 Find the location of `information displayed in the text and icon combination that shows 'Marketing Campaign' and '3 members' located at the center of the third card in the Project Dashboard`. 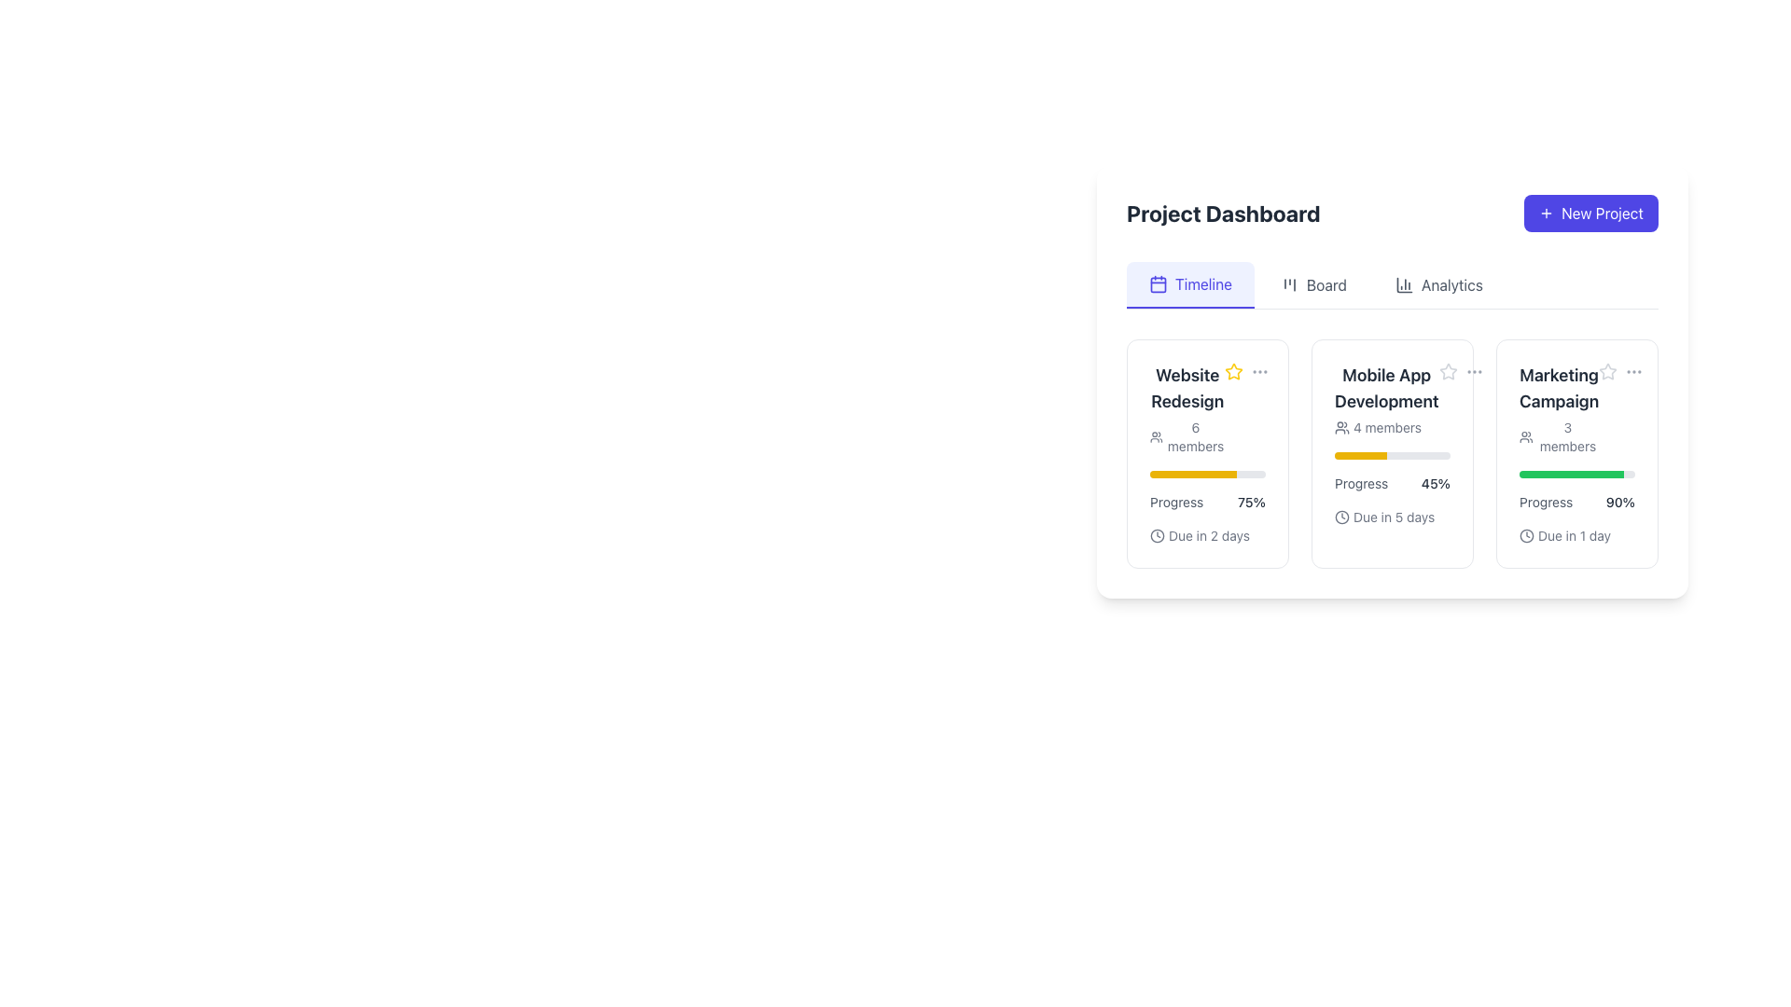

information displayed in the text and icon combination that shows 'Marketing Campaign' and '3 members' located at the center of the third card in the Project Dashboard is located at coordinates (1576, 408).